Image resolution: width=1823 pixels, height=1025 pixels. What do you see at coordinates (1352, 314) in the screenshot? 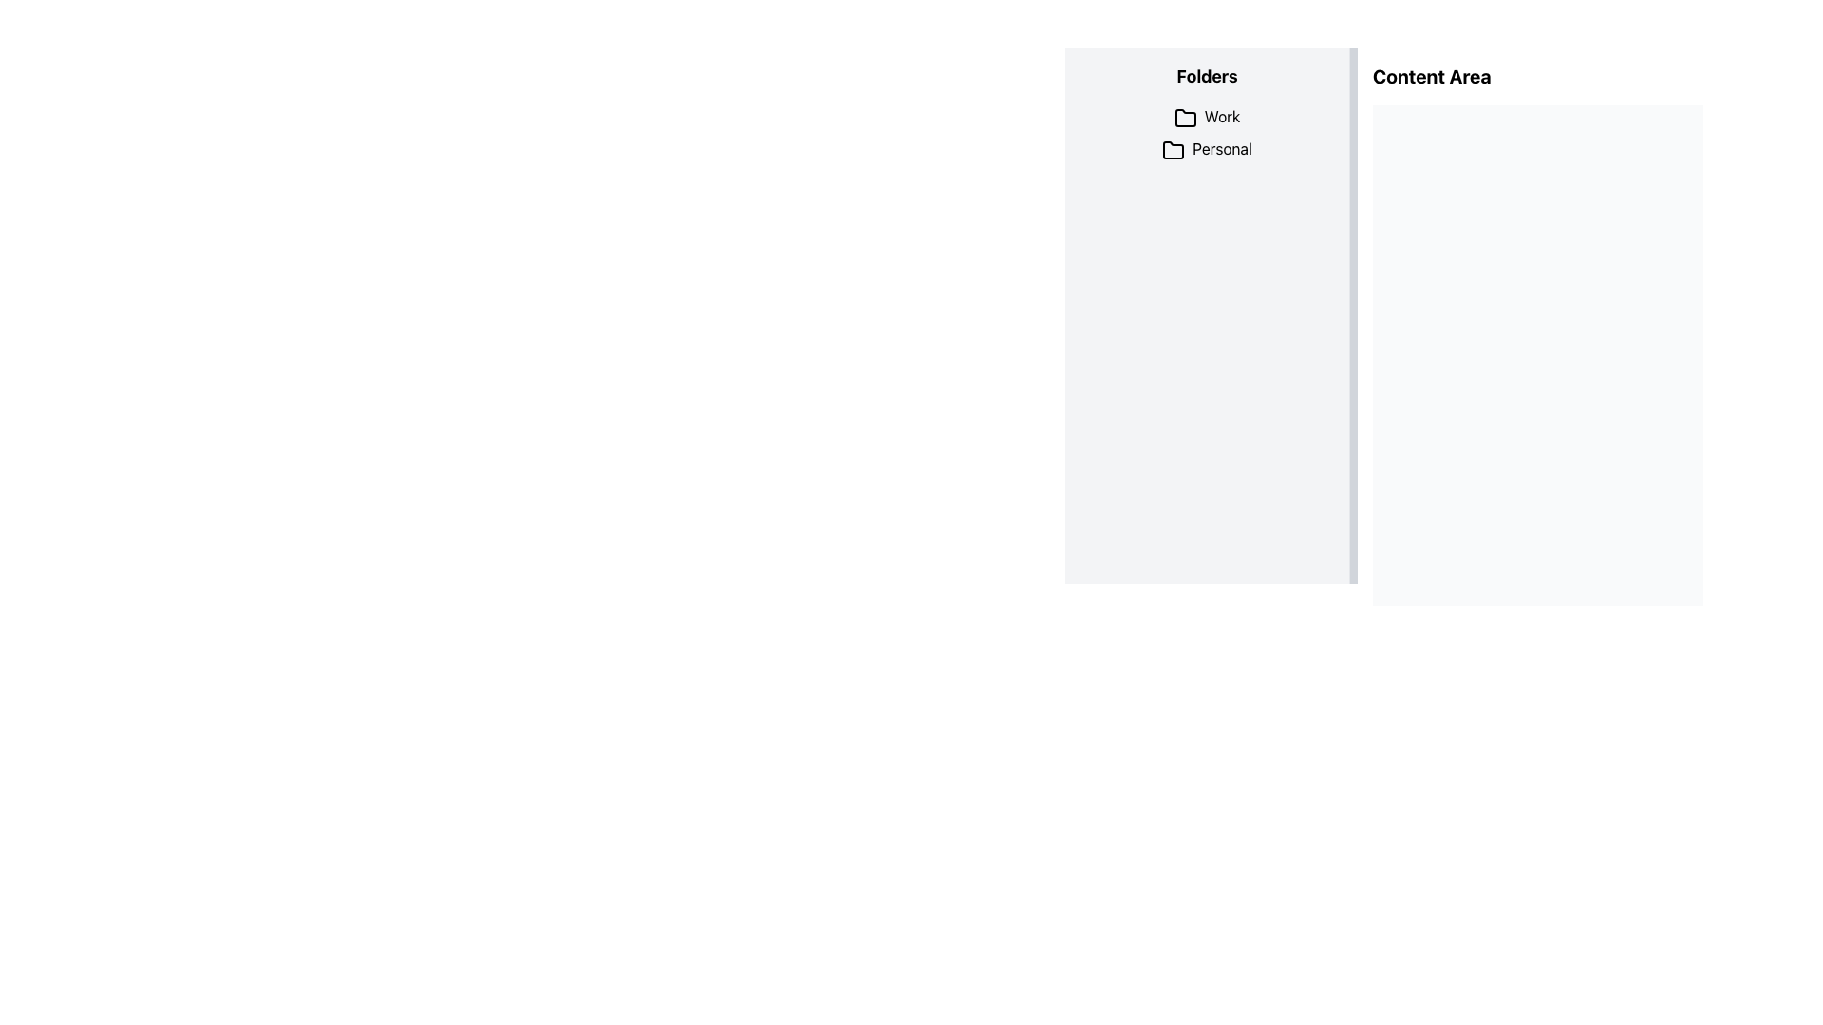
I see `the Horizontal Resize Handle located between the 'Folders' section and the 'Content Area' section` at bounding box center [1352, 314].